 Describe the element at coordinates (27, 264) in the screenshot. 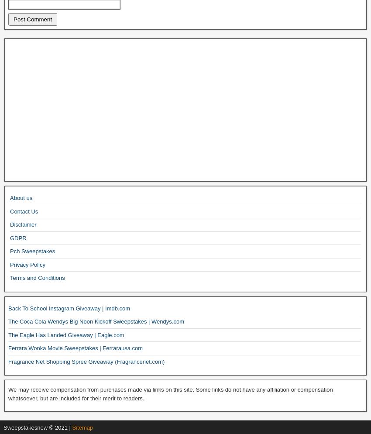

I see `'Privacy Policy'` at that location.